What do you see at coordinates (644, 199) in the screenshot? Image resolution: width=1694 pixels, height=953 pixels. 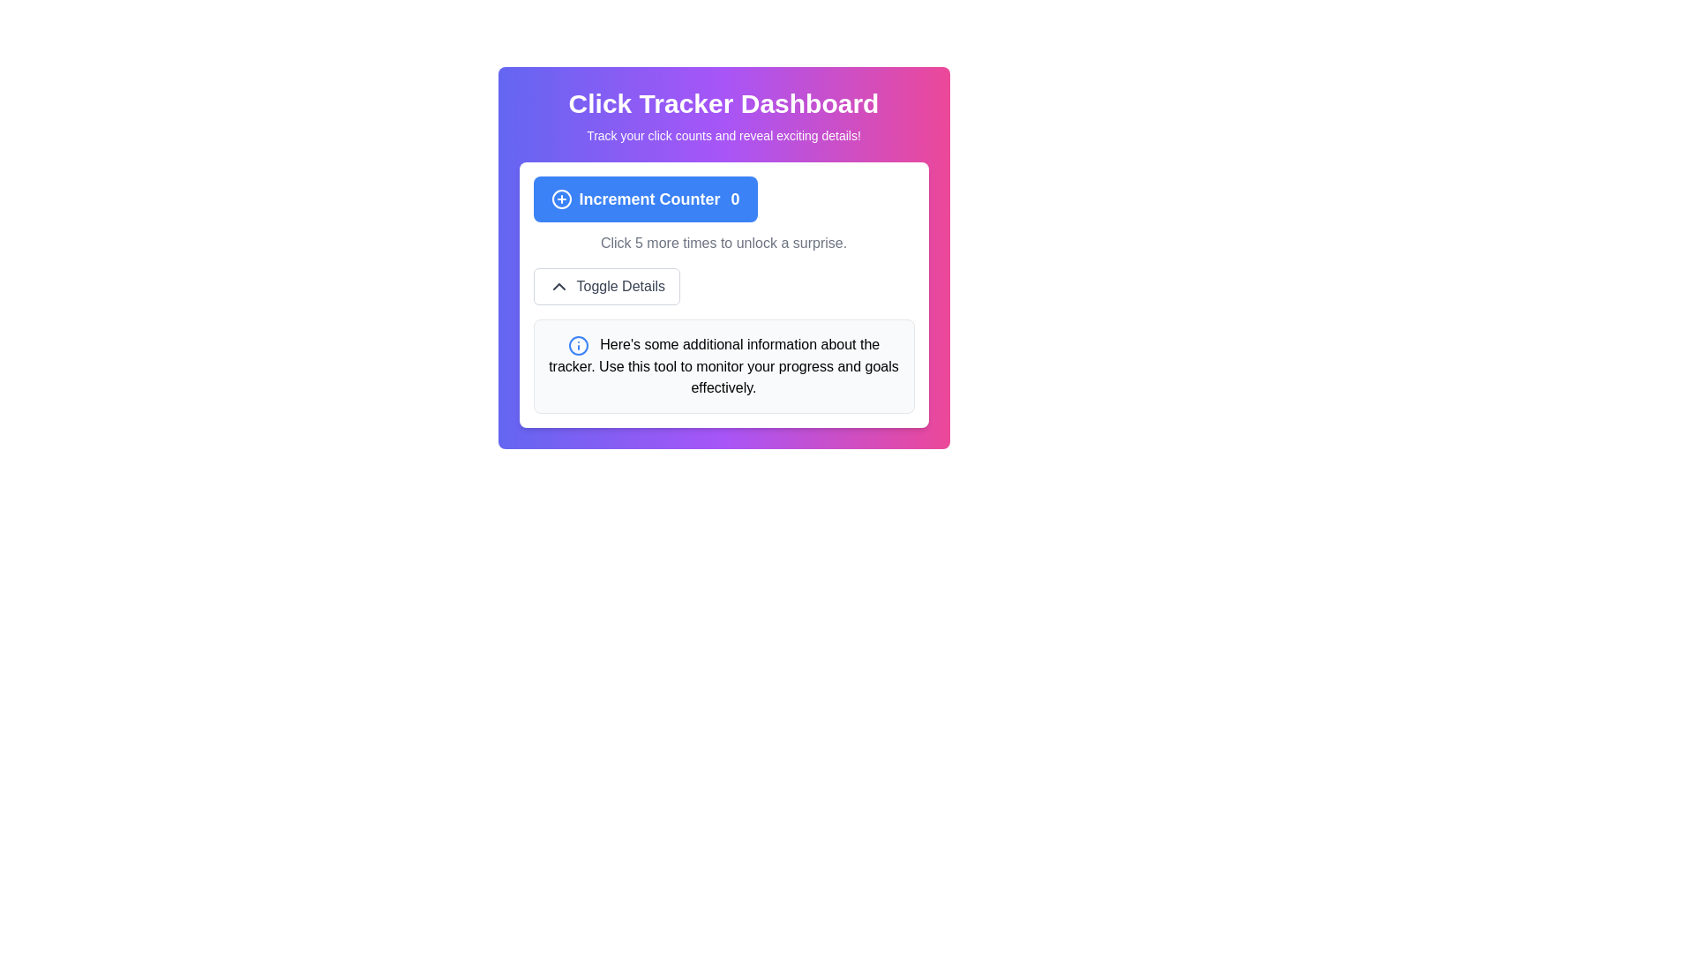 I see `the button located in the 'Click Tracker Dashboard' section` at bounding box center [644, 199].